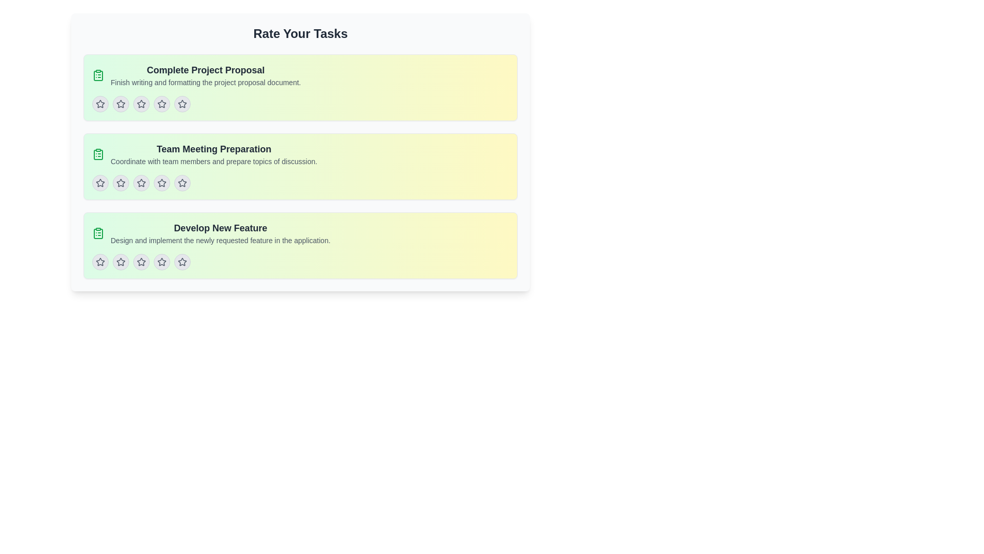 The width and height of the screenshot is (984, 554). I want to click on the first rating star in the rating section of the 'Develop New Feature' task card, so click(120, 261).